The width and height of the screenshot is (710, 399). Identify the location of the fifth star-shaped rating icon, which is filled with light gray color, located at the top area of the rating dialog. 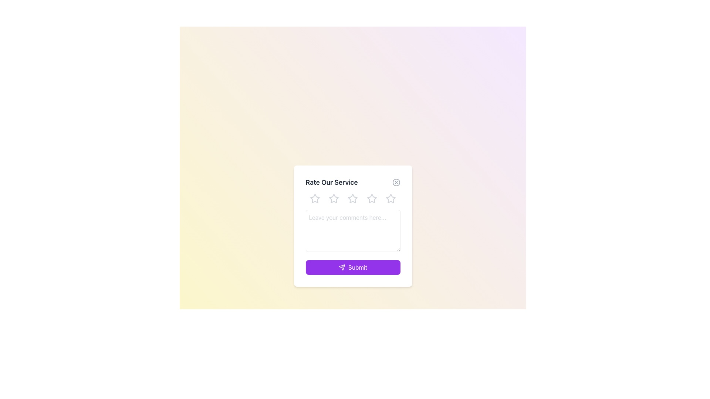
(390, 198).